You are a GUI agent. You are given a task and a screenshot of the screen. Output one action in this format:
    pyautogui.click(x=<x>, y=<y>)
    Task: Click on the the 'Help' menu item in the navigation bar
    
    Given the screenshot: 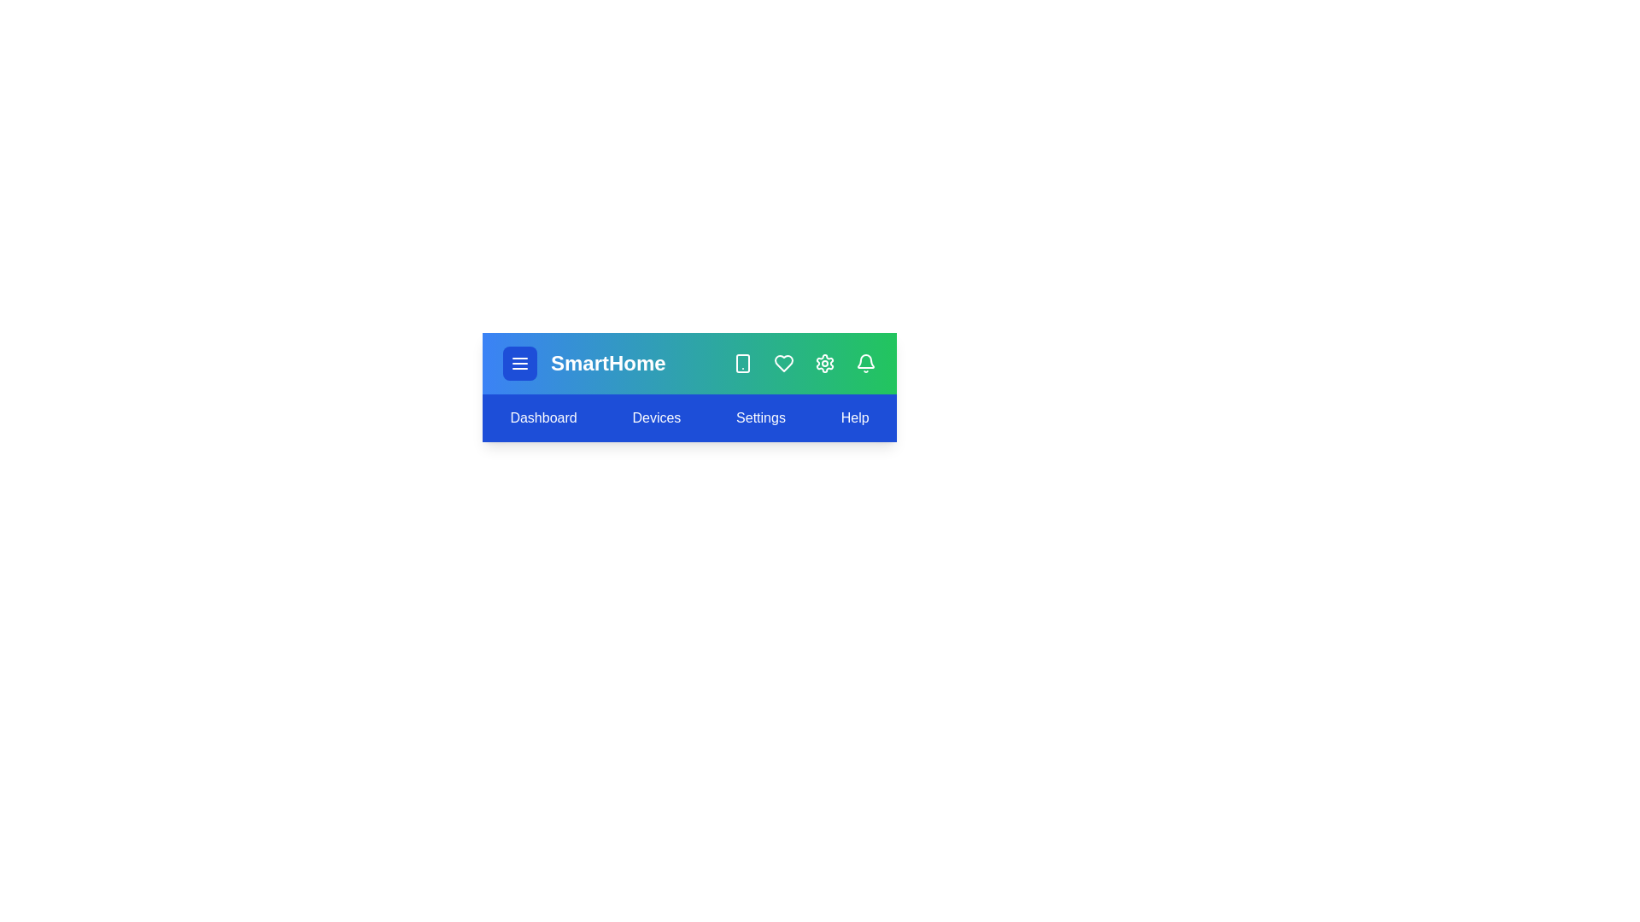 What is the action you would take?
    pyautogui.click(x=855, y=417)
    